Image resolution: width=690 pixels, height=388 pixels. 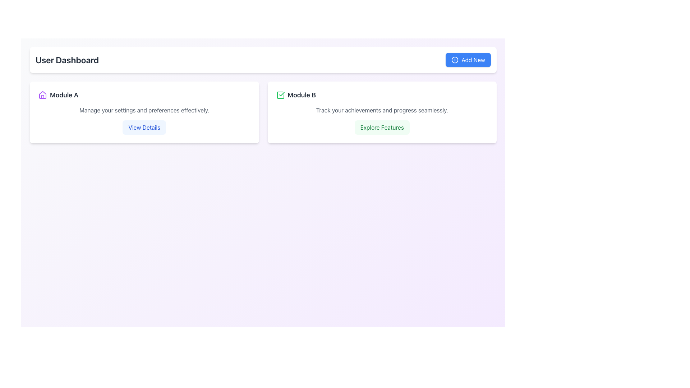 I want to click on the green check icon located to the left of the label 'Module B' within its card, positioned at the top-left corner of the card, so click(x=280, y=95).